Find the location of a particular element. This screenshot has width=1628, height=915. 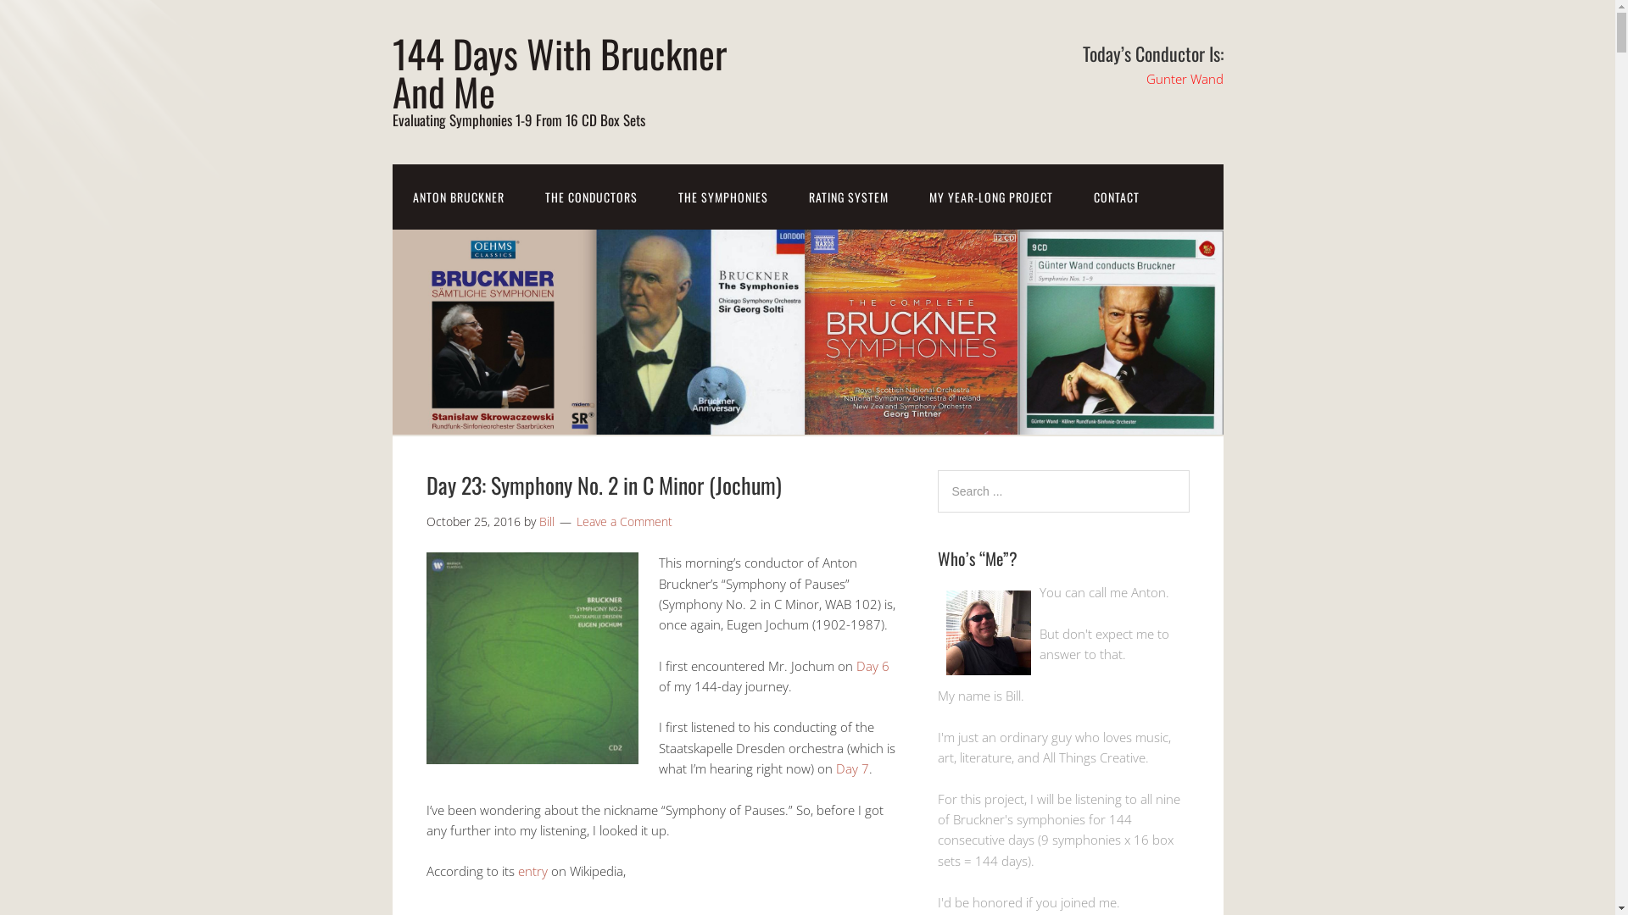

'CONTACT' is located at coordinates (1116, 196).